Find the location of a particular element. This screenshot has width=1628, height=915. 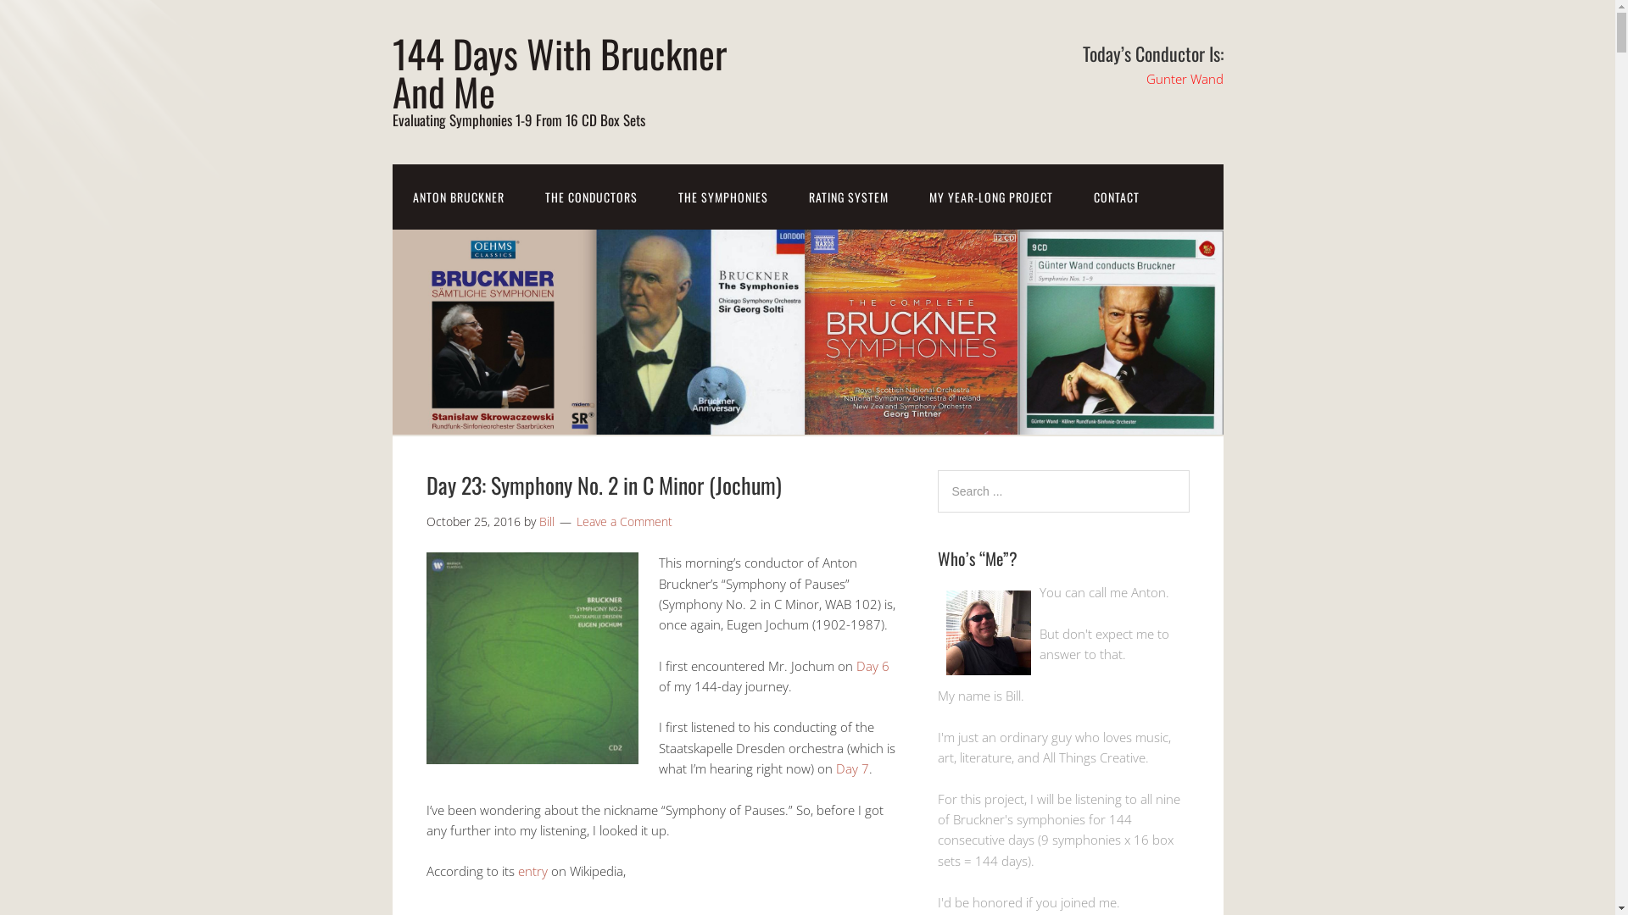

'CONTACT' is located at coordinates (1116, 196).